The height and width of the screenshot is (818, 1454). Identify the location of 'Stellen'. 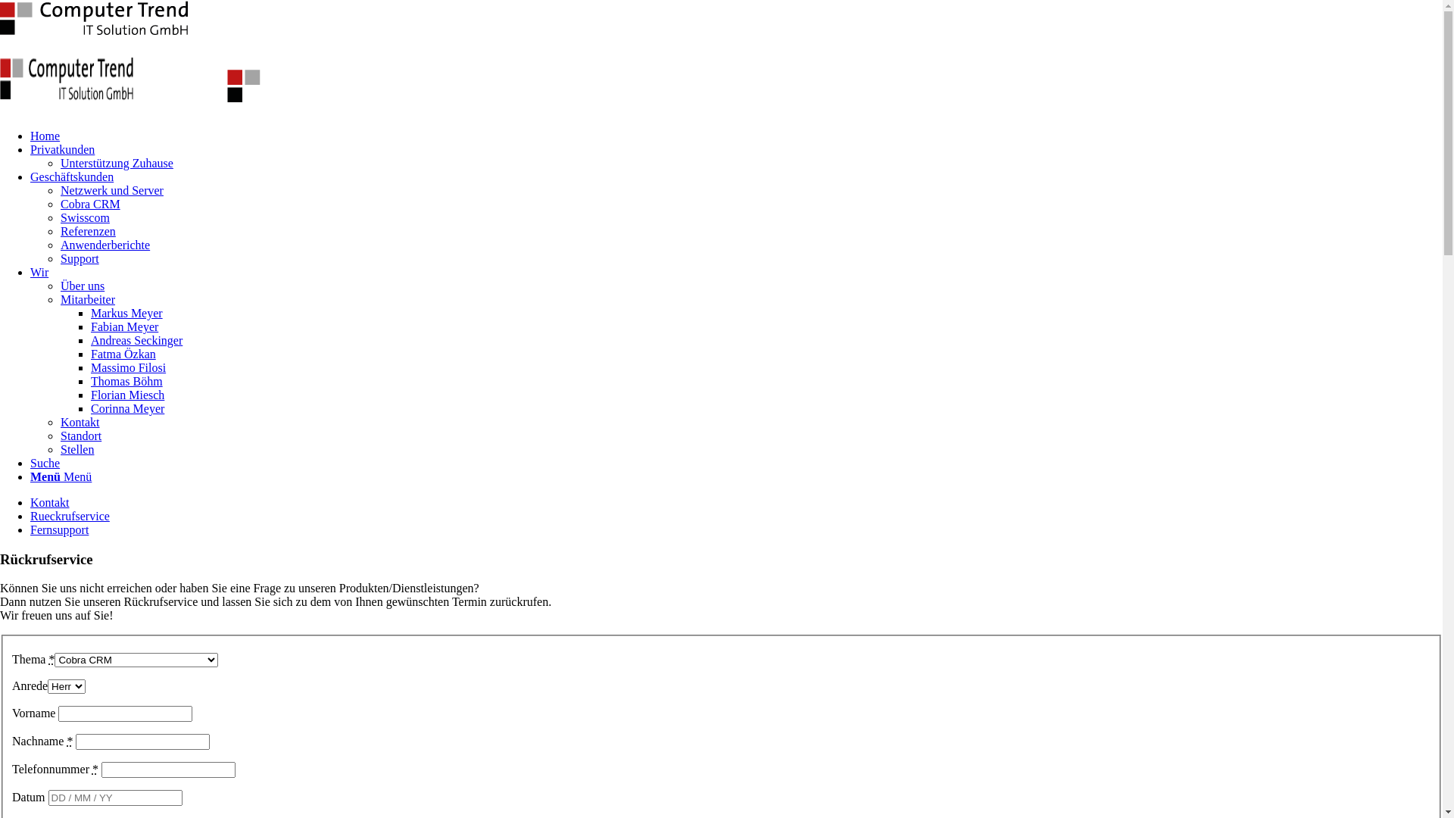
(76, 448).